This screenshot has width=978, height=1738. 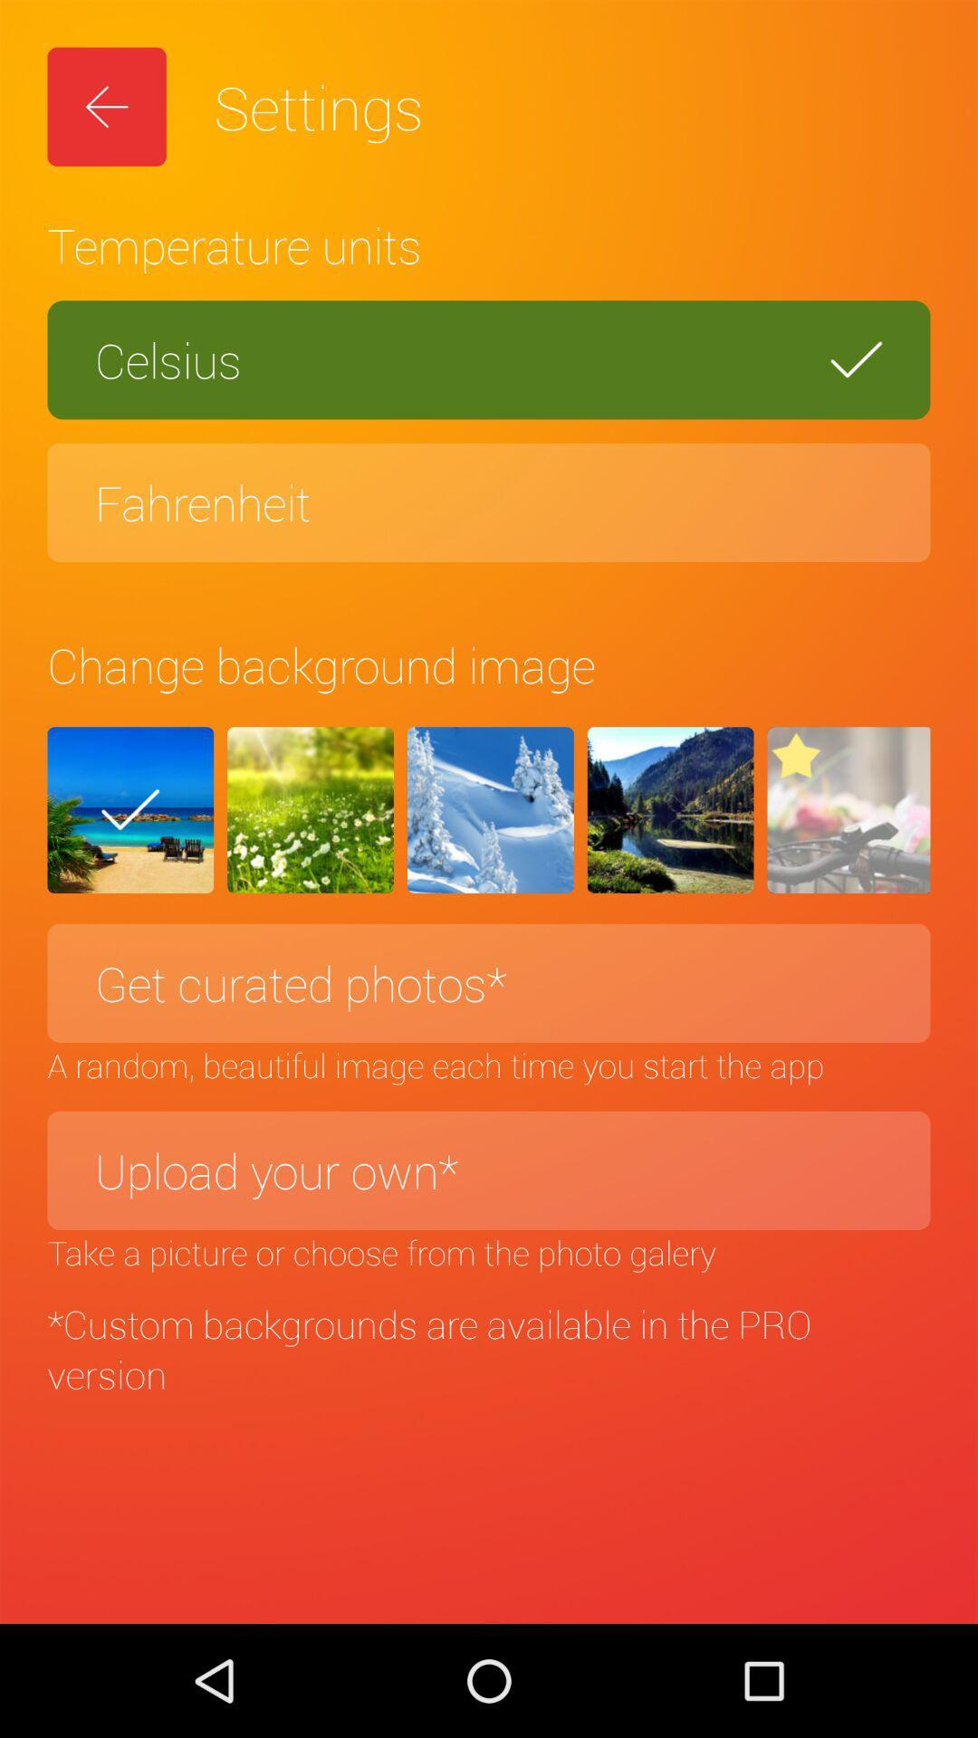 I want to click on item below celsius, so click(x=489, y=502).